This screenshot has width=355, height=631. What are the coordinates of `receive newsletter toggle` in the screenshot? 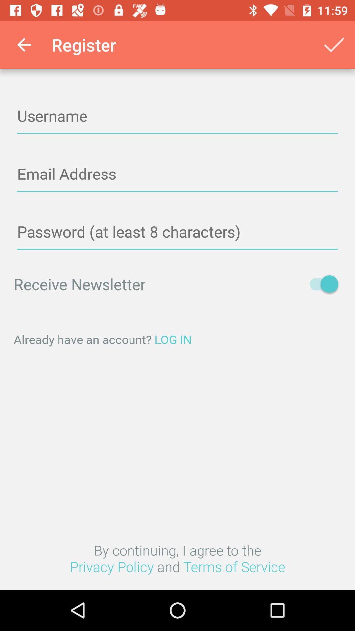 It's located at (320, 284).